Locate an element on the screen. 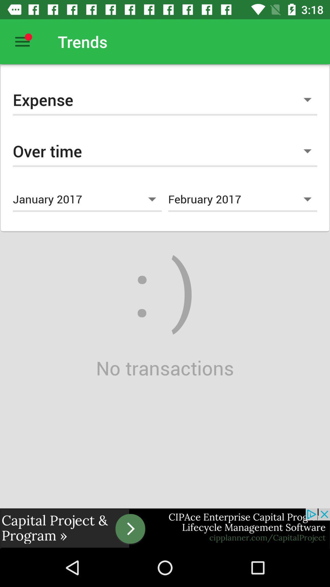 Image resolution: width=330 pixels, height=587 pixels. advertisement is located at coordinates (165, 528).